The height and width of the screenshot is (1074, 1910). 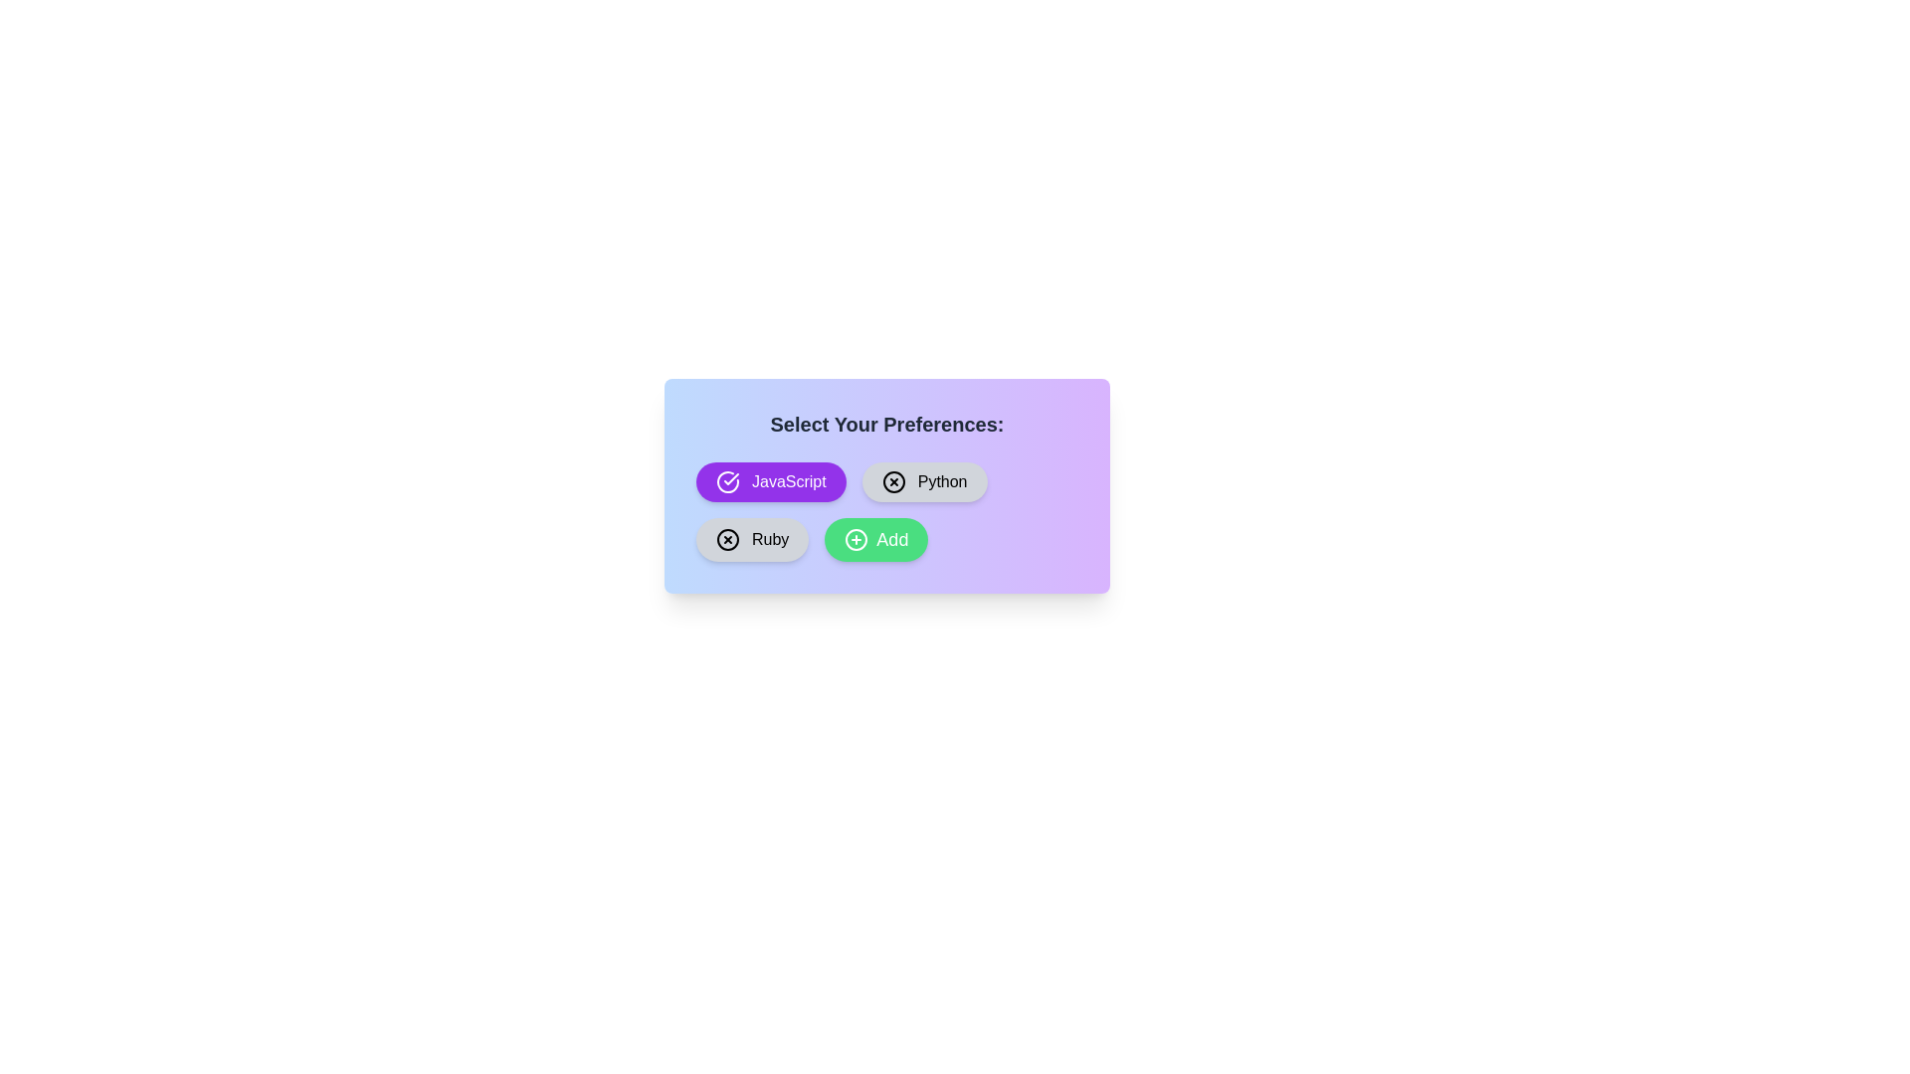 What do you see at coordinates (875, 540) in the screenshot?
I see `'Add' button to trigger its functionality` at bounding box center [875, 540].